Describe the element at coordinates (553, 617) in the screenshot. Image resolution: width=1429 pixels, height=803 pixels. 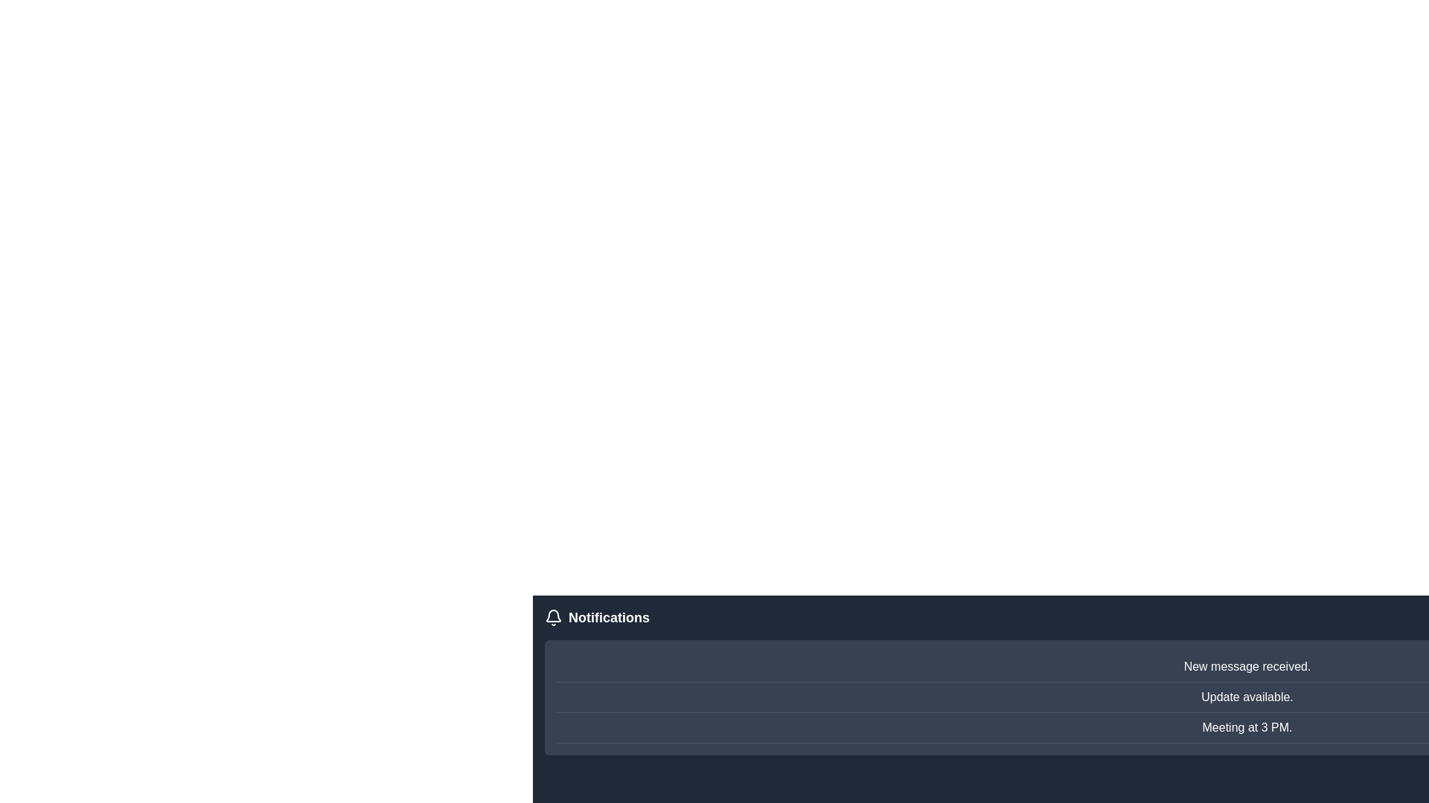
I see `the bell icon indicating the 'Notifications' section located to the left of the text label 'Notifications'` at that location.